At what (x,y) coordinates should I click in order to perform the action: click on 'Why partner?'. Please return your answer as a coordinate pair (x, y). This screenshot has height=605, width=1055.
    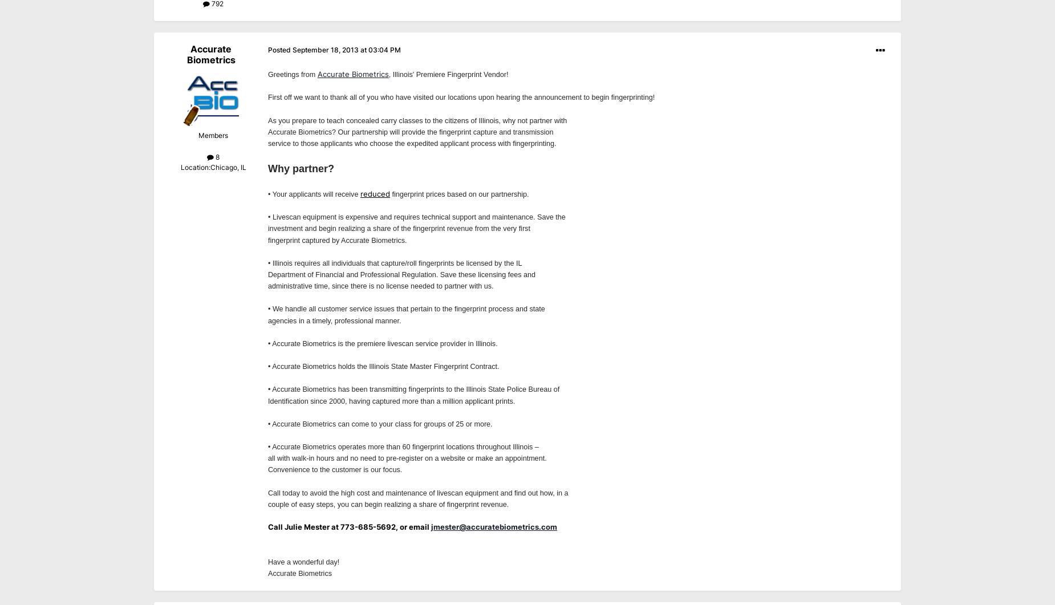
    Looking at the image, I should click on (301, 168).